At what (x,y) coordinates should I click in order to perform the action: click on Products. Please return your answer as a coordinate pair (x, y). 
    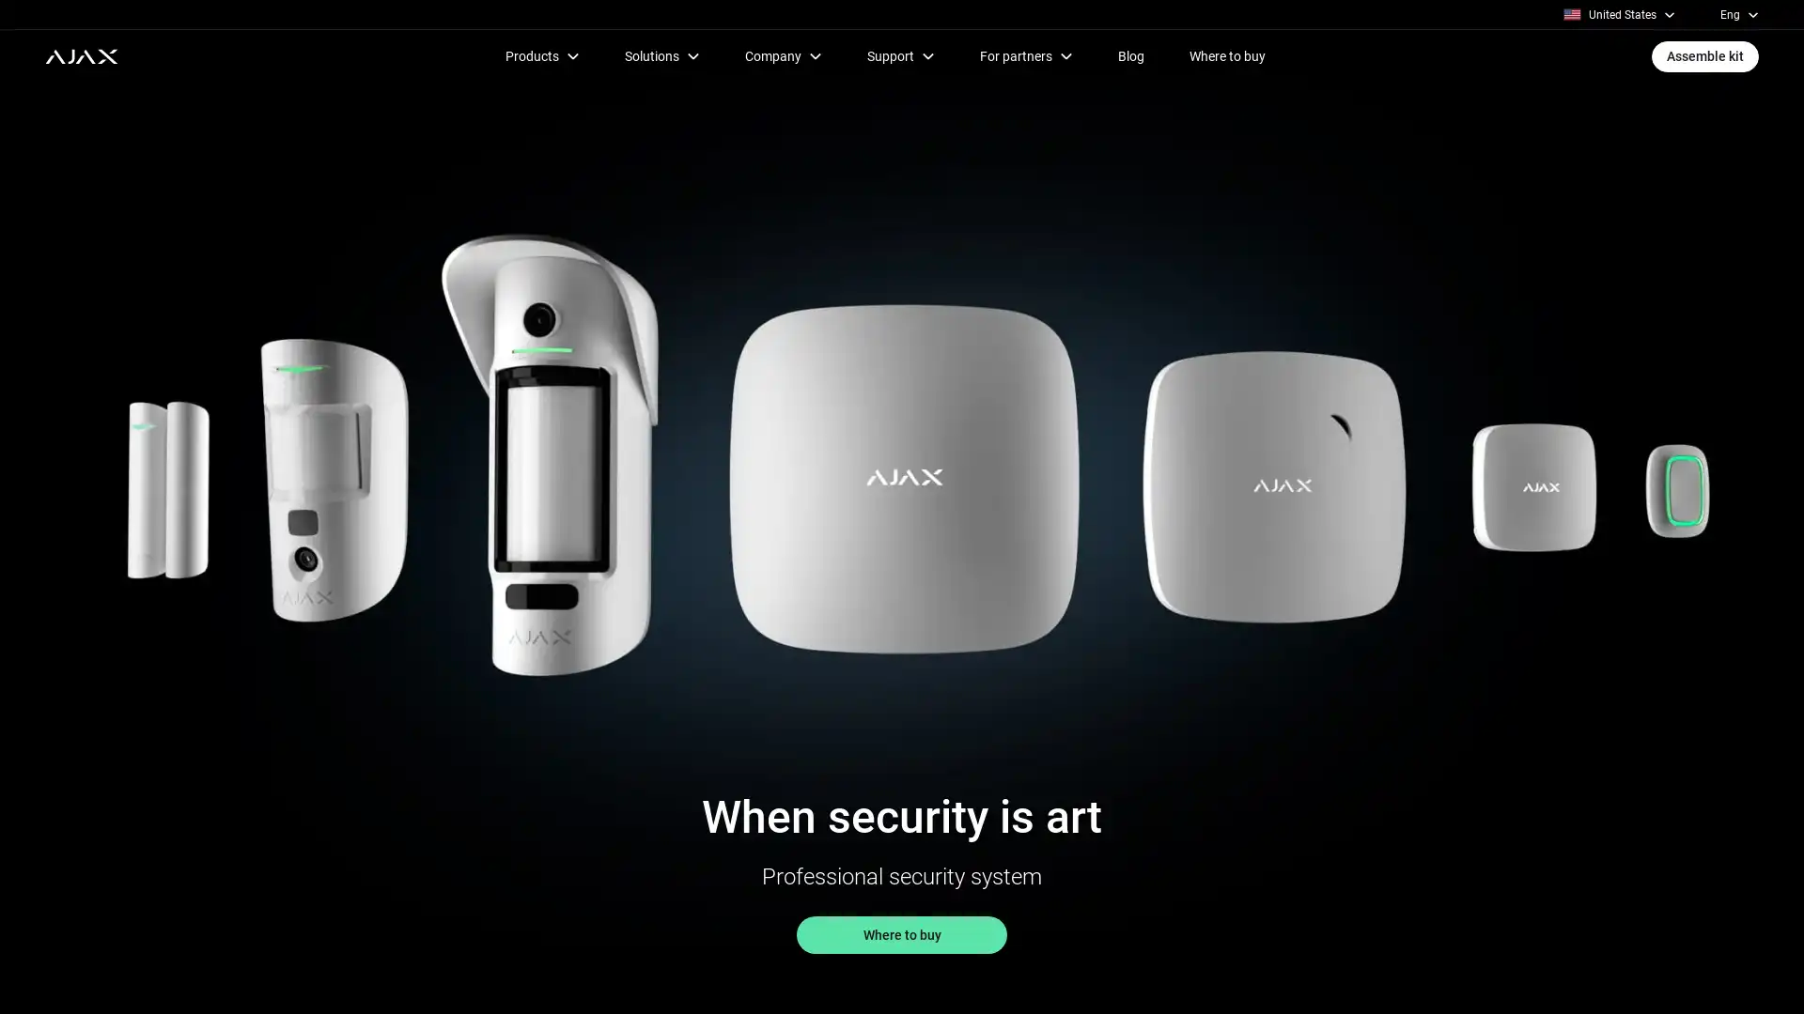
    Looking at the image, I should click on (540, 55).